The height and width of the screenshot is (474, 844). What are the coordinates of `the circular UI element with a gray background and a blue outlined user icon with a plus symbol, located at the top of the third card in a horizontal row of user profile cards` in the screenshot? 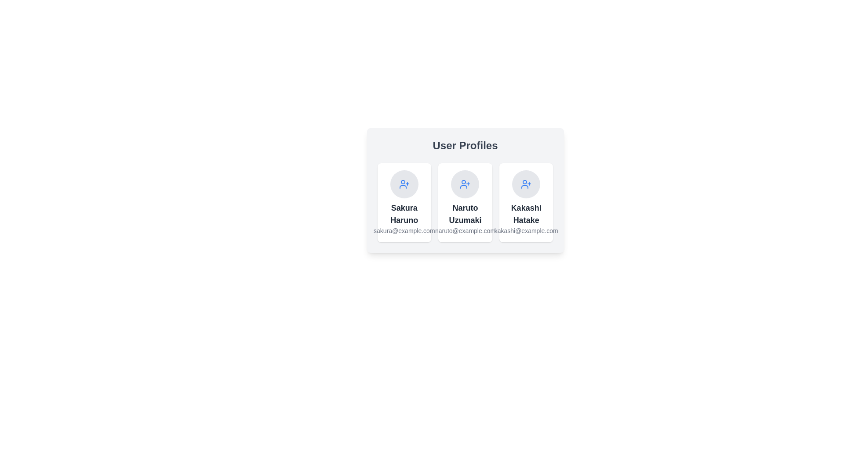 It's located at (526, 184).